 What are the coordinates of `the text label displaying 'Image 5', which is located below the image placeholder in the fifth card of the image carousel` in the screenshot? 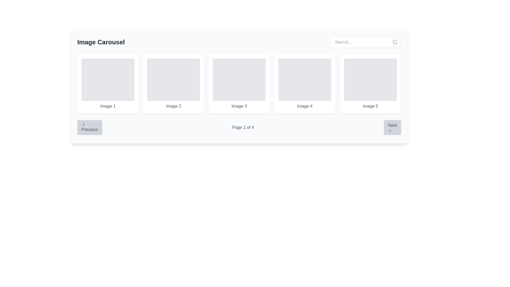 It's located at (370, 106).